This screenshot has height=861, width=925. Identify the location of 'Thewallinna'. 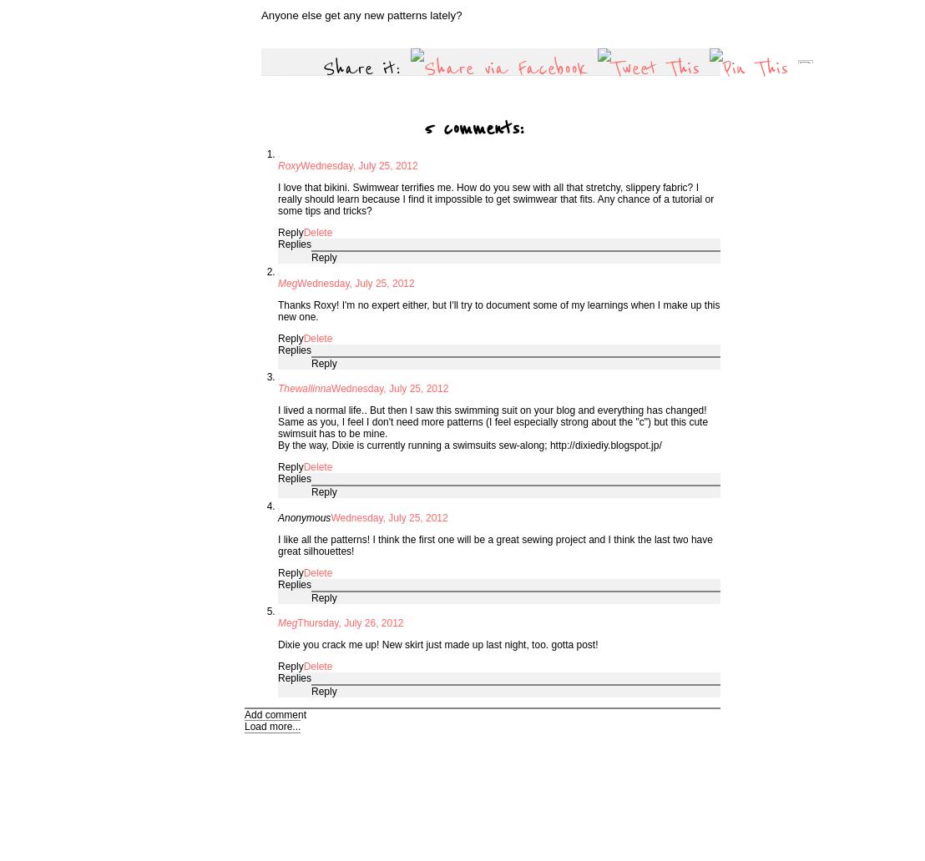
(303, 388).